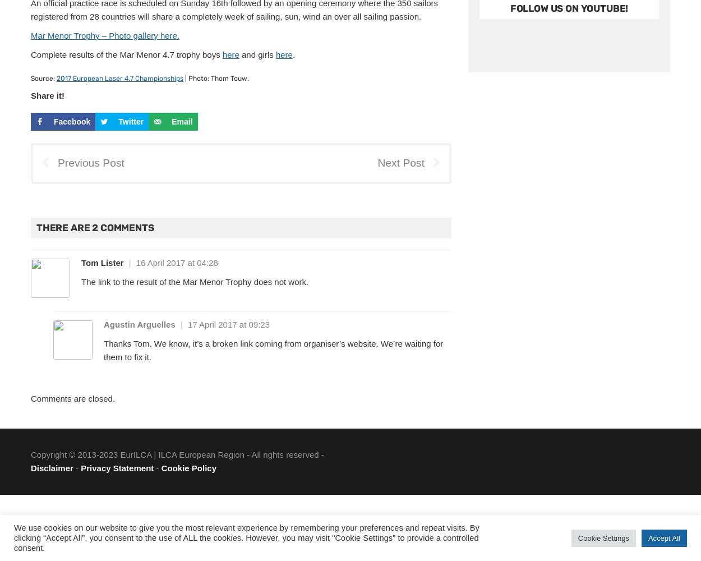 This screenshot has height=561, width=701. I want to click on '.', so click(293, 53).